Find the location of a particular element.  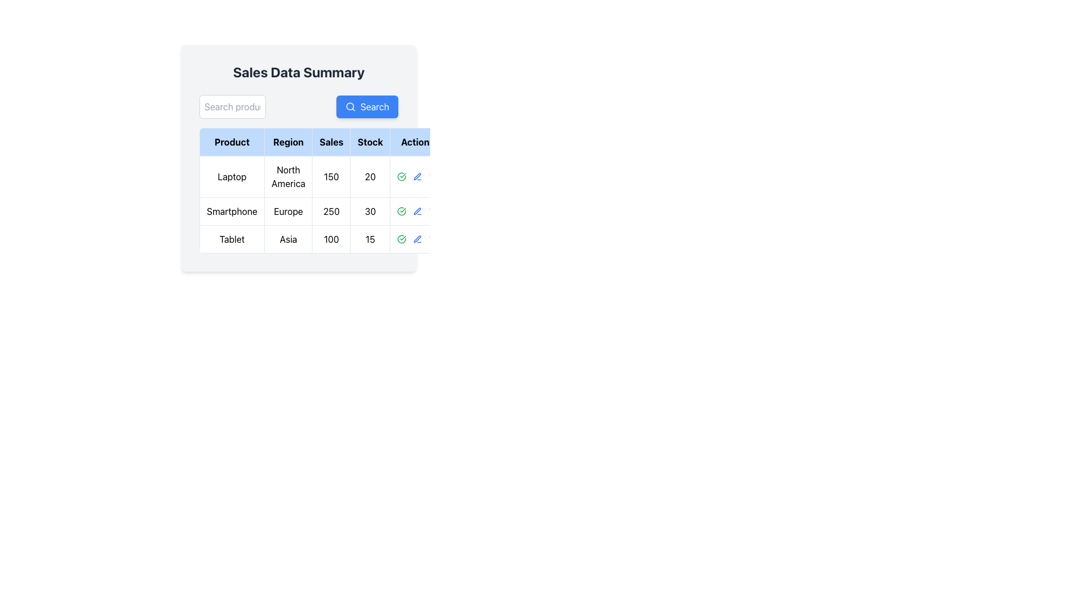

the table header cell displaying 'Product', which is the first header cell in the Sales Data Summary table with a light blue background and black border is located at coordinates (231, 142).